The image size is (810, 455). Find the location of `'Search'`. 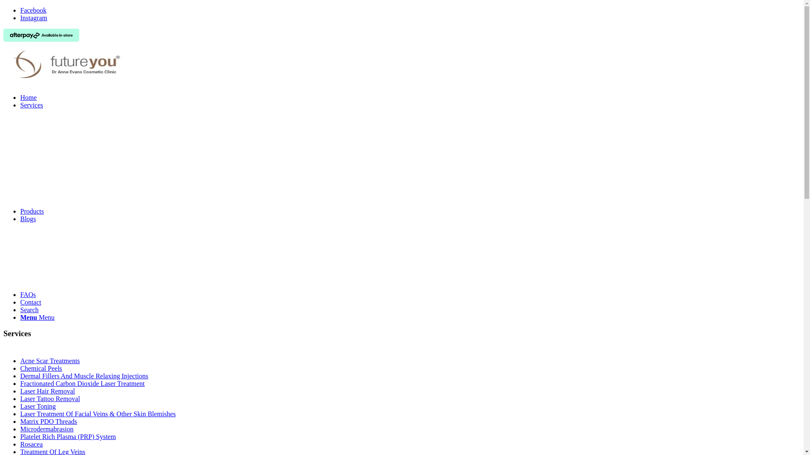

'Search' is located at coordinates (30, 310).